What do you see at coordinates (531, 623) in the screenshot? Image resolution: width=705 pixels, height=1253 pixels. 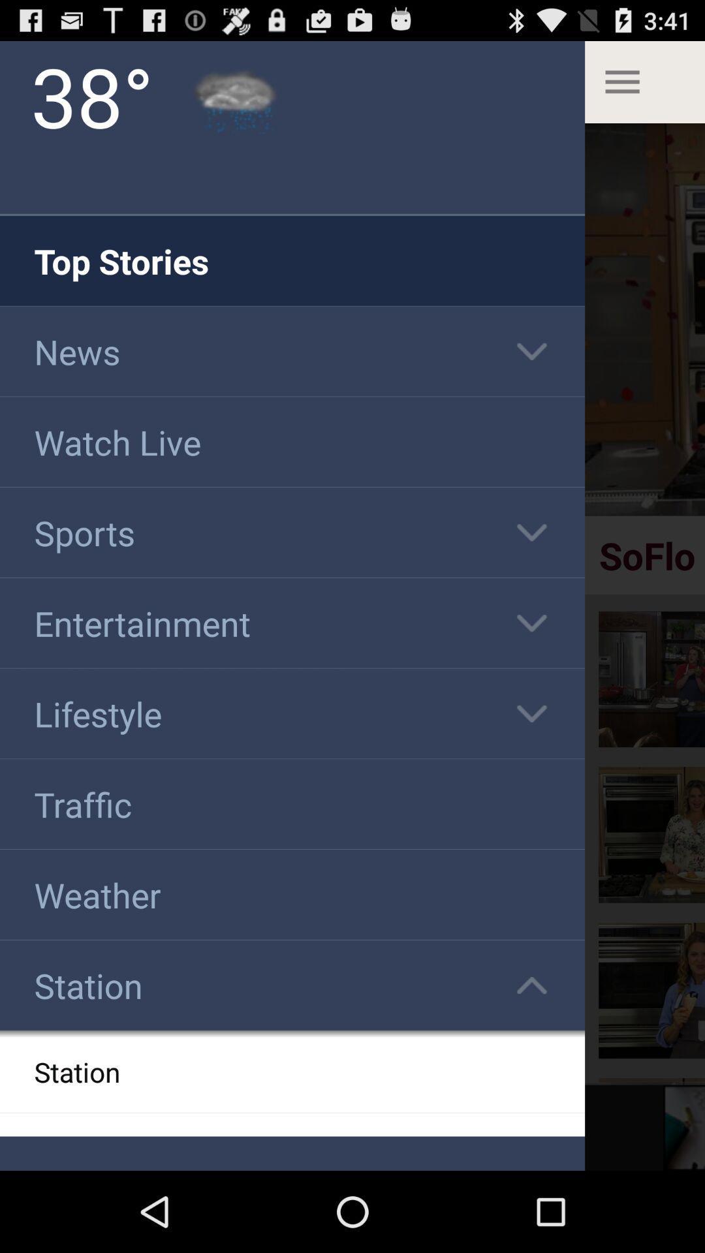 I see `down arrow beside the entertainment` at bounding box center [531, 623].